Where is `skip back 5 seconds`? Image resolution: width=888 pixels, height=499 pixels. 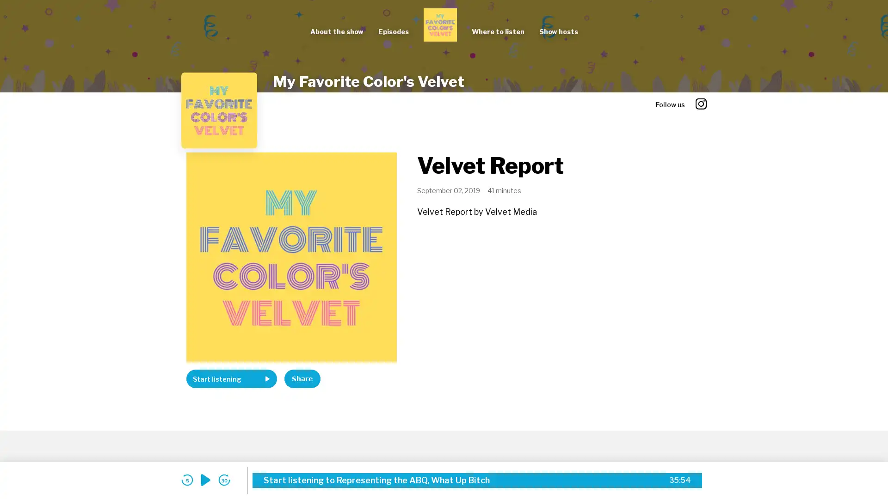 skip back 5 seconds is located at coordinates (186, 480).